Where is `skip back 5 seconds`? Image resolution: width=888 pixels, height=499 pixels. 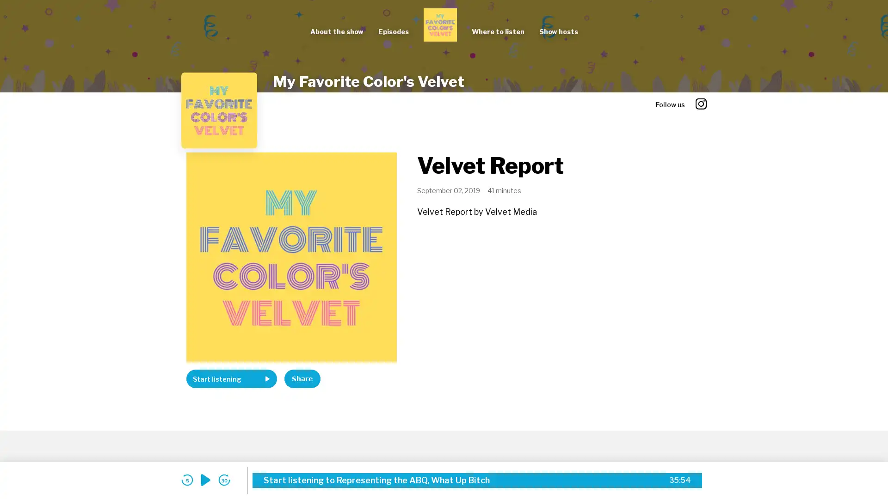 skip back 5 seconds is located at coordinates (186, 480).